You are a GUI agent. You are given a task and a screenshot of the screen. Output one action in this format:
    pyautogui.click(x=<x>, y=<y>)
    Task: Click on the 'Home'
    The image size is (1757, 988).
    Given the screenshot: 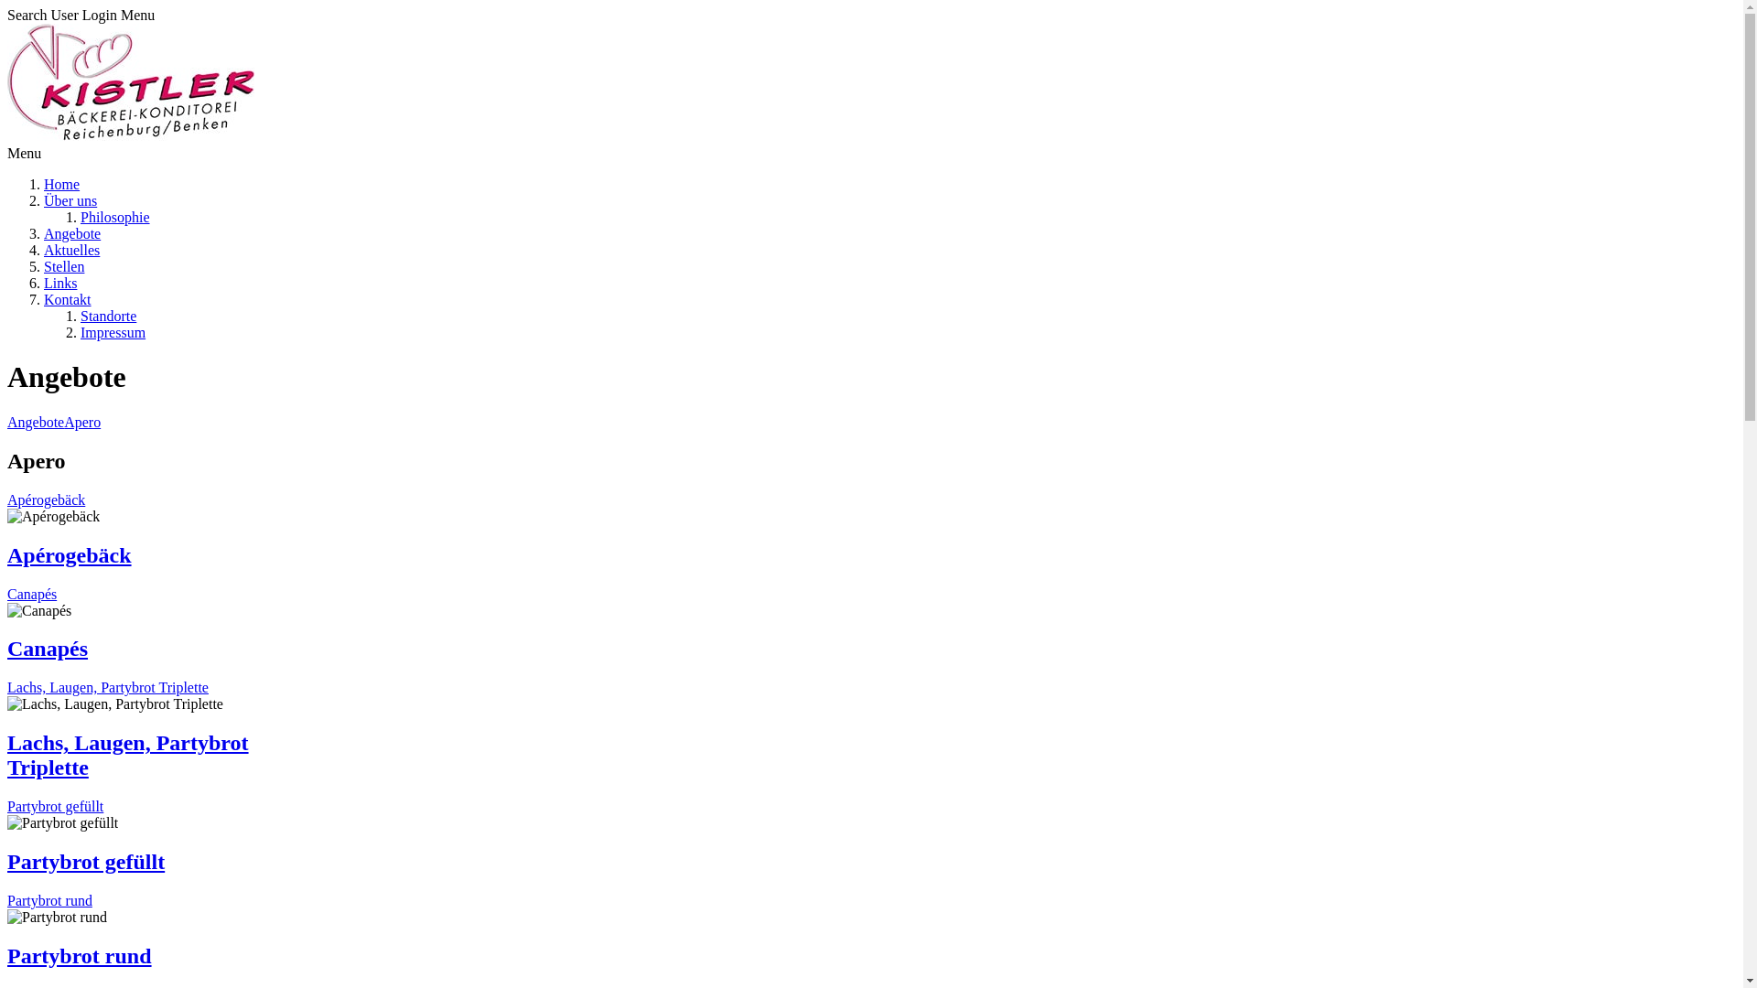 What is the action you would take?
    pyautogui.click(x=61, y=184)
    